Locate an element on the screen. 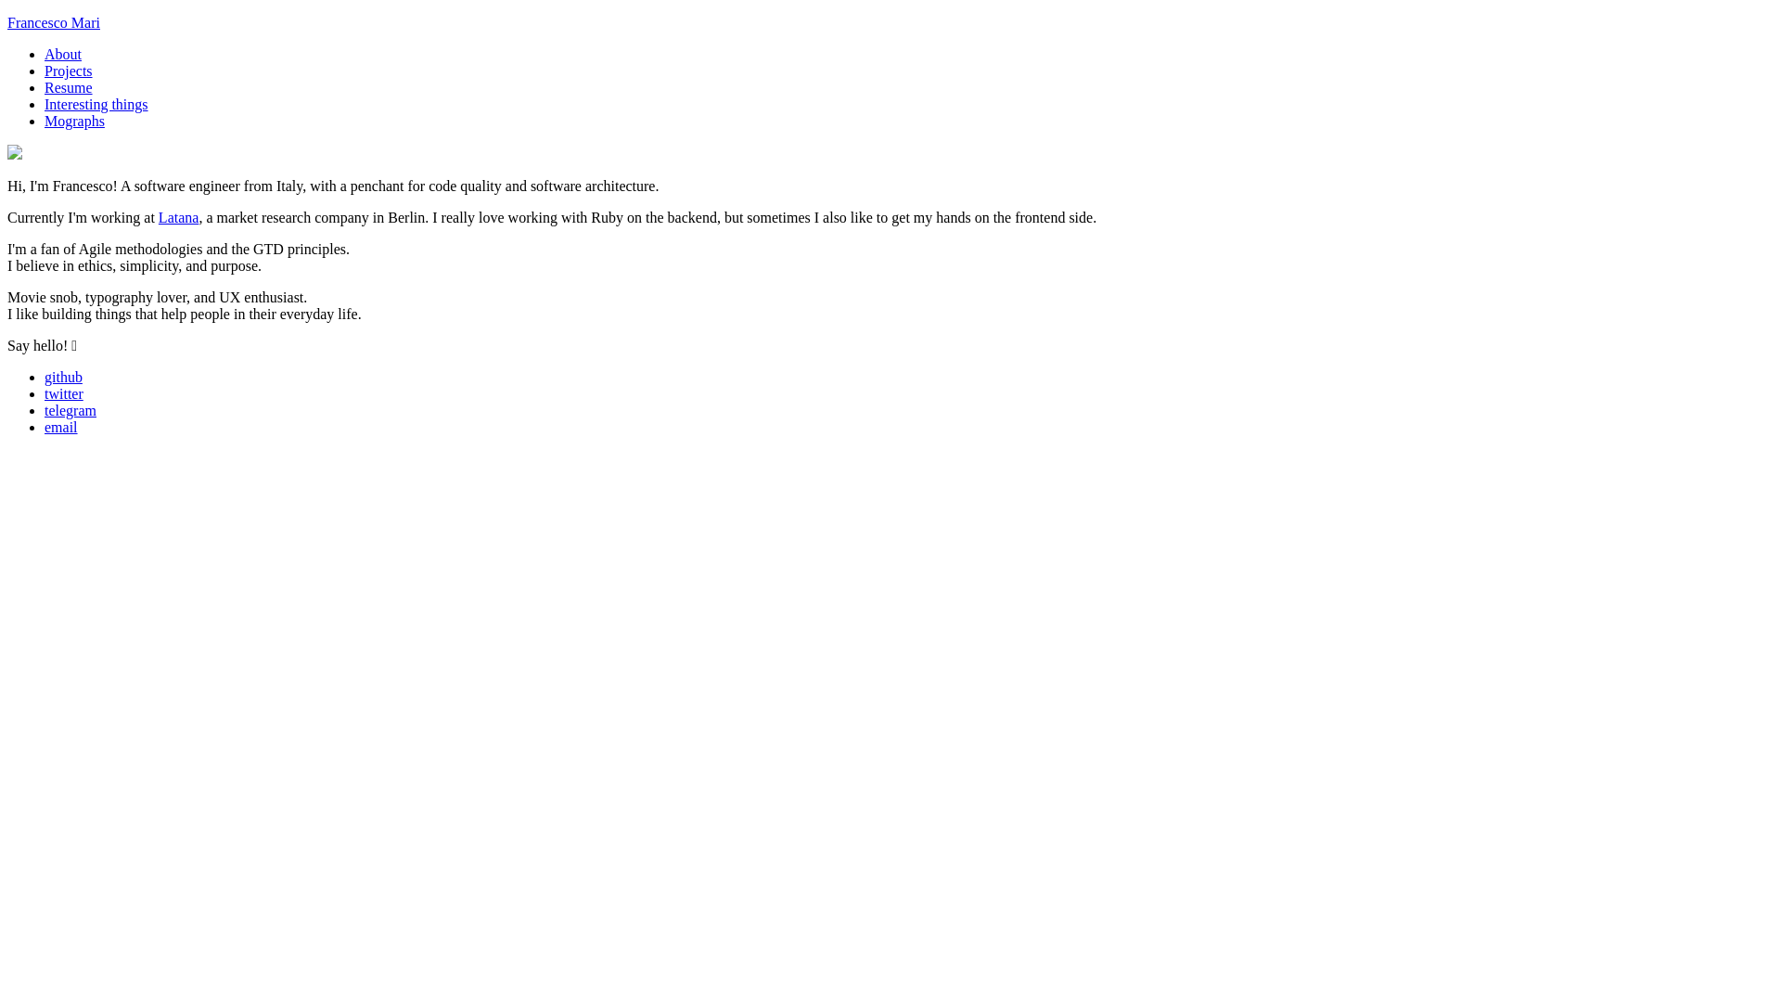  'Resume' is located at coordinates (68, 87).